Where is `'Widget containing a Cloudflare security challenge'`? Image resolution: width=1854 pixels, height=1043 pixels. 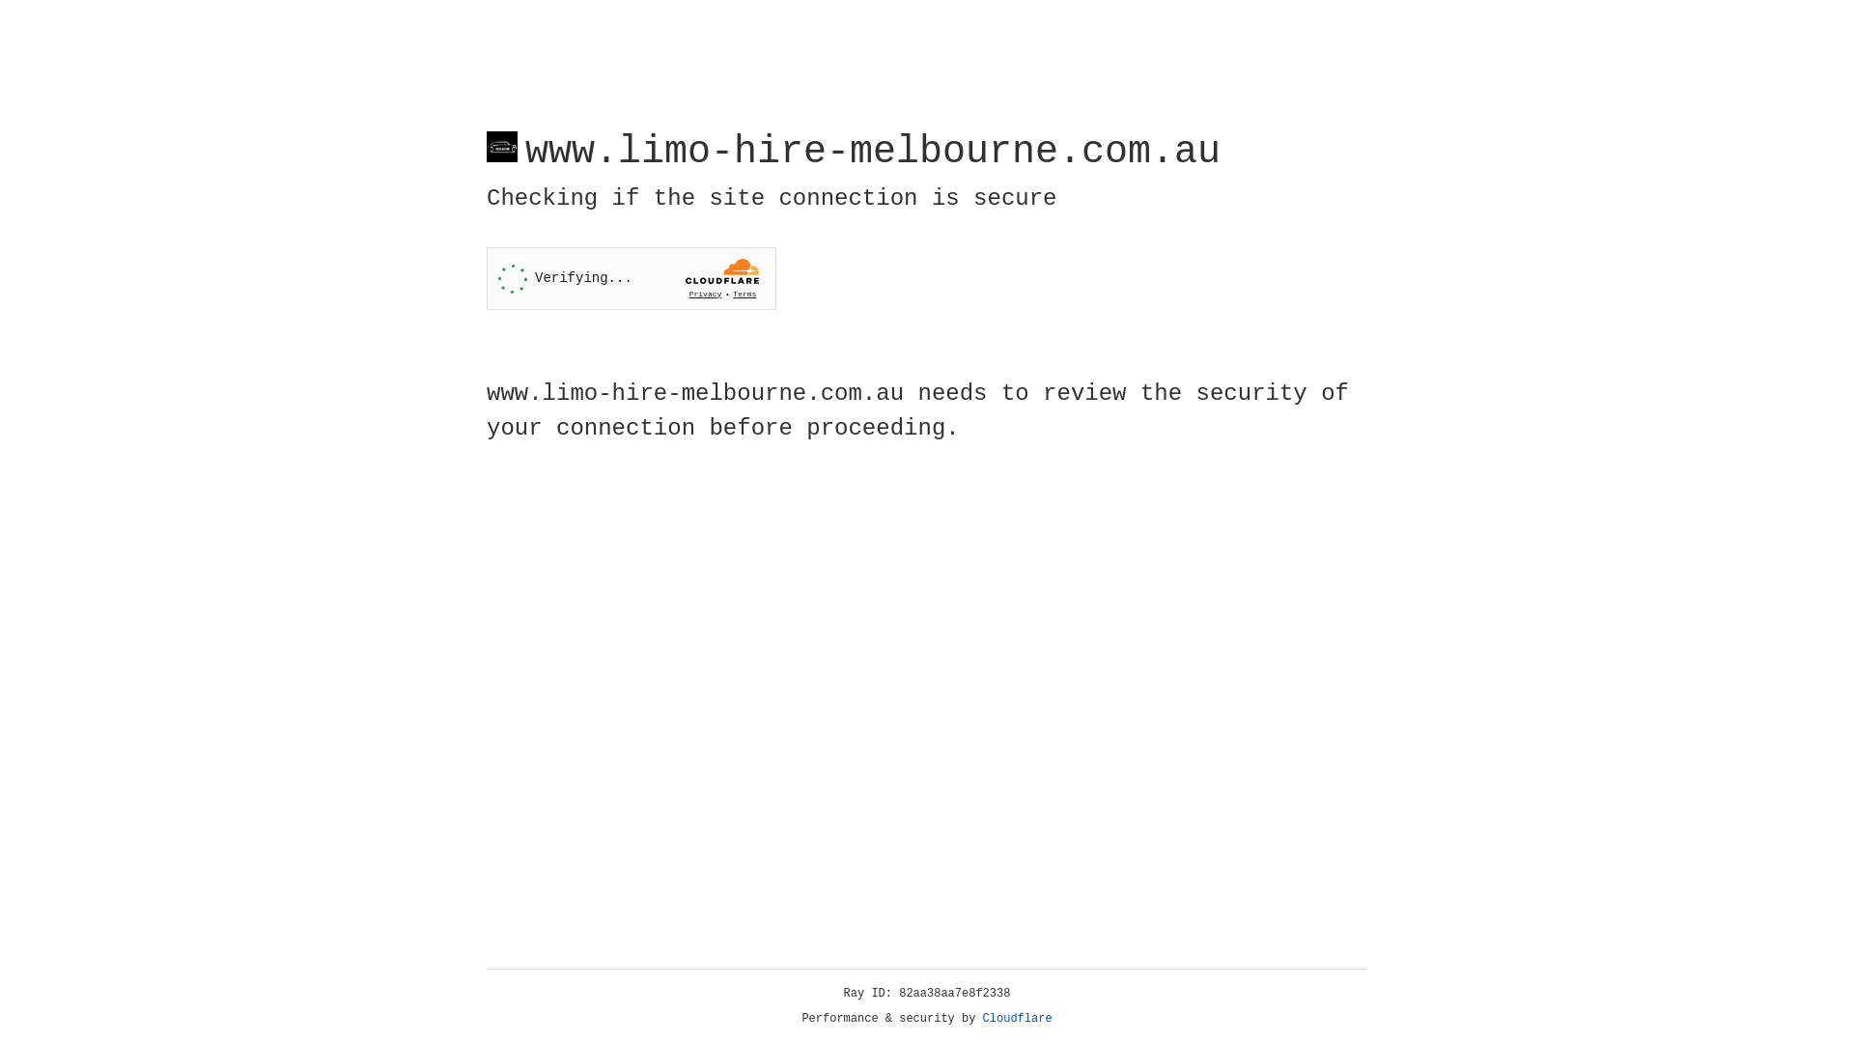
'Widget containing a Cloudflare security challenge' is located at coordinates (631, 278).